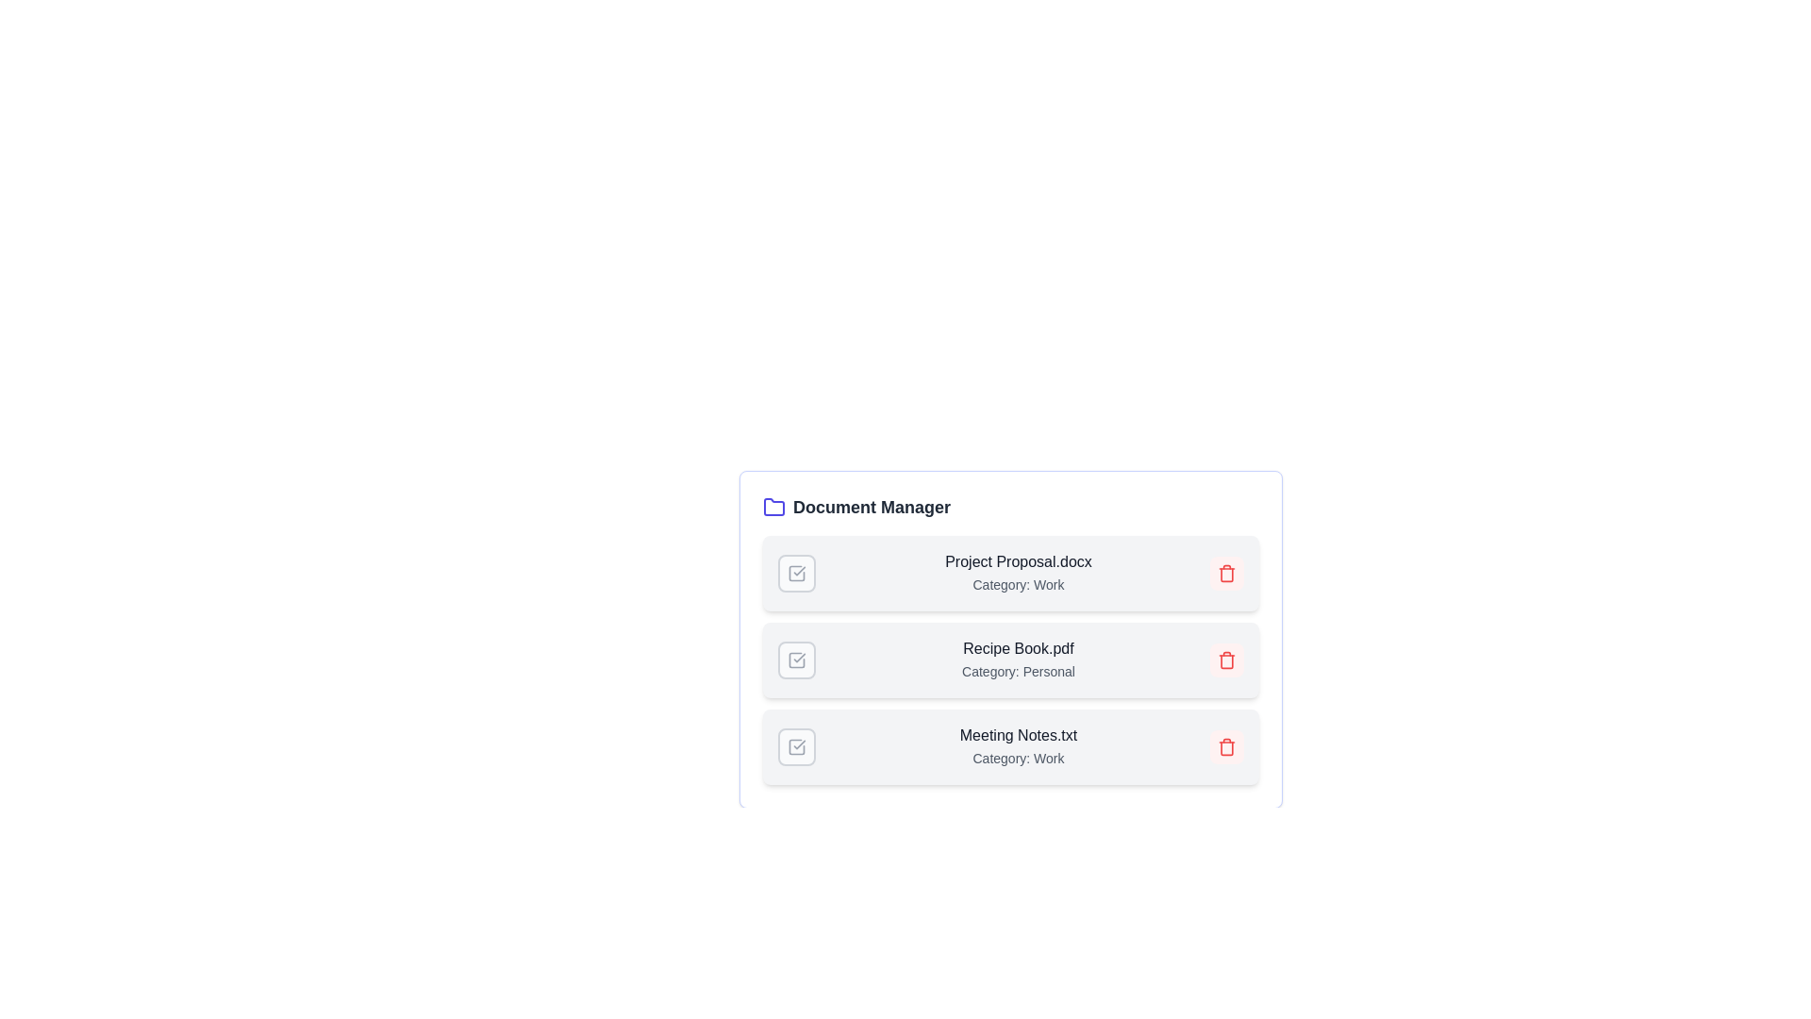 Image resolution: width=1811 pixels, height=1019 pixels. What do you see at coordinates (1009, 745) in the screenshot?
I see `the List item displaying 'Meeting Notes.txt'` at bounding box center [1009, 745].